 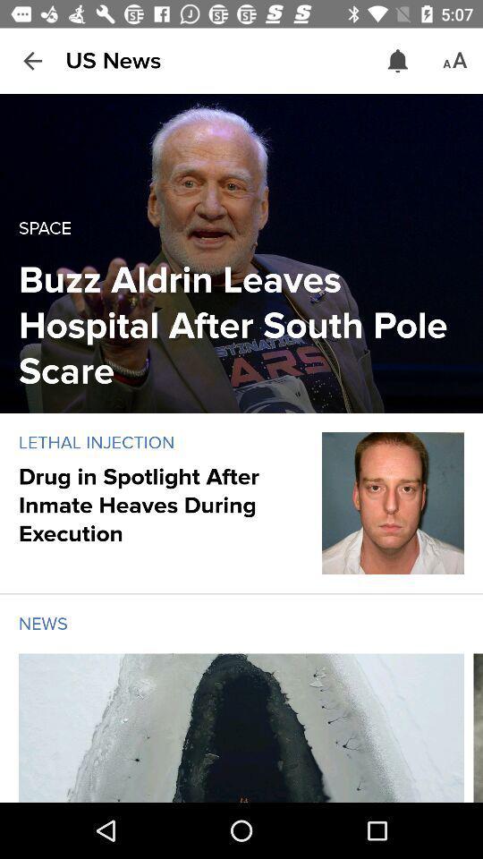 I want to click on this is news image, so click(x=241, y=727).